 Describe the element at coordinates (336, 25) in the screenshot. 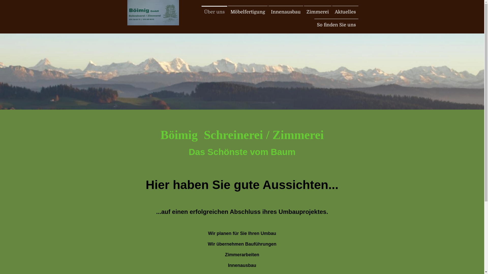

I see `'So finden Sie uns'` at that location.